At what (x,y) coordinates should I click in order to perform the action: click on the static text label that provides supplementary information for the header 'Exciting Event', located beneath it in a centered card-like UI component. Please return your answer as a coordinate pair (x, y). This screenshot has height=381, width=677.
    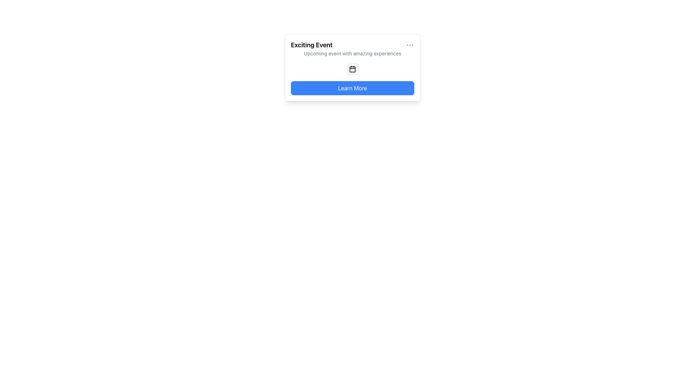
    Looking at the image, I should click on (352, 53).